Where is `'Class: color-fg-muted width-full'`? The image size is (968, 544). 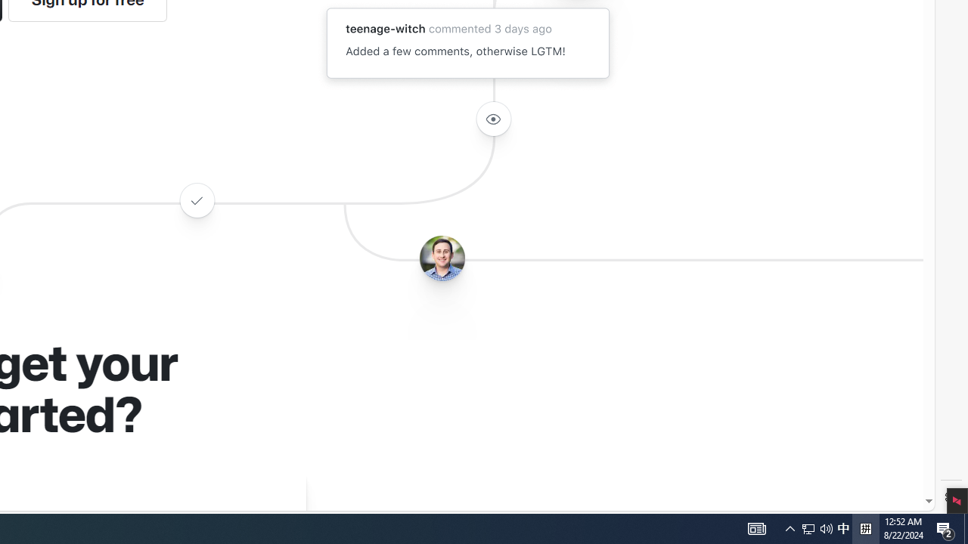
'Class: color-fg-muted width-full' is located at coordinates (196, 199).